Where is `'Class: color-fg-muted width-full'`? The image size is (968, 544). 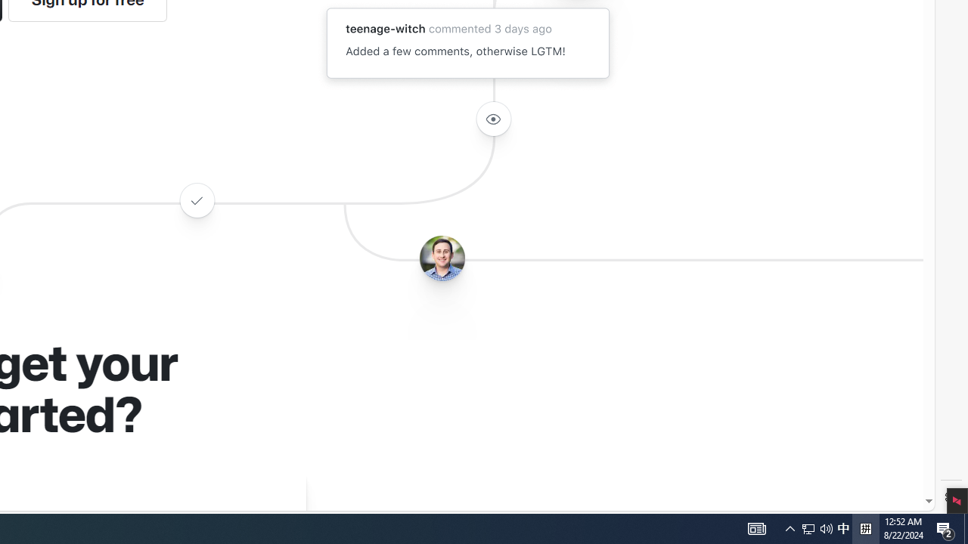
'Class: color-fg-muted width-full' is located at coordinates (196, 199).